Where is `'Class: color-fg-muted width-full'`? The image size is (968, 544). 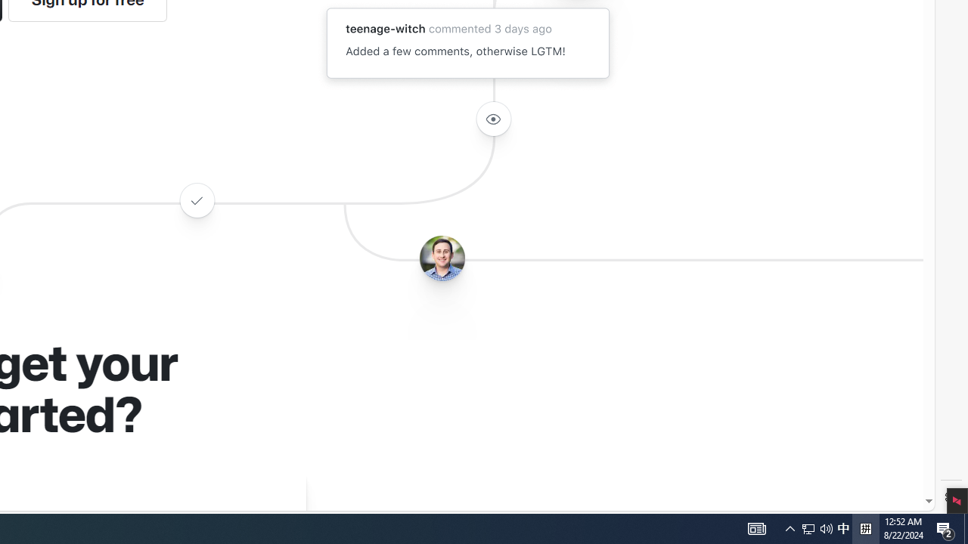
'Class: color-fg-muted width-full' is located at coordinates (196, 199).